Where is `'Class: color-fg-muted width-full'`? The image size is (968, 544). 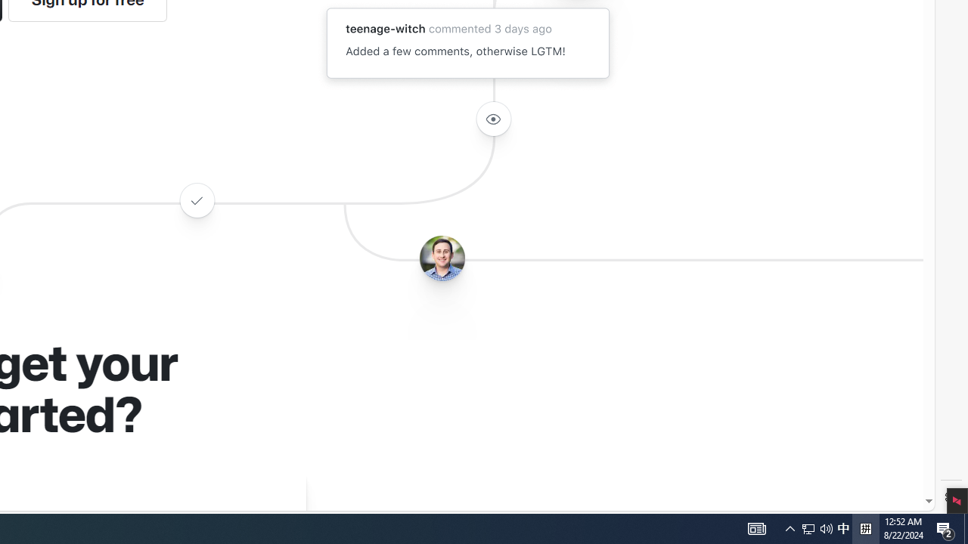
'Class: color-fg-muted width-full' is located at coordinates (196, 199).